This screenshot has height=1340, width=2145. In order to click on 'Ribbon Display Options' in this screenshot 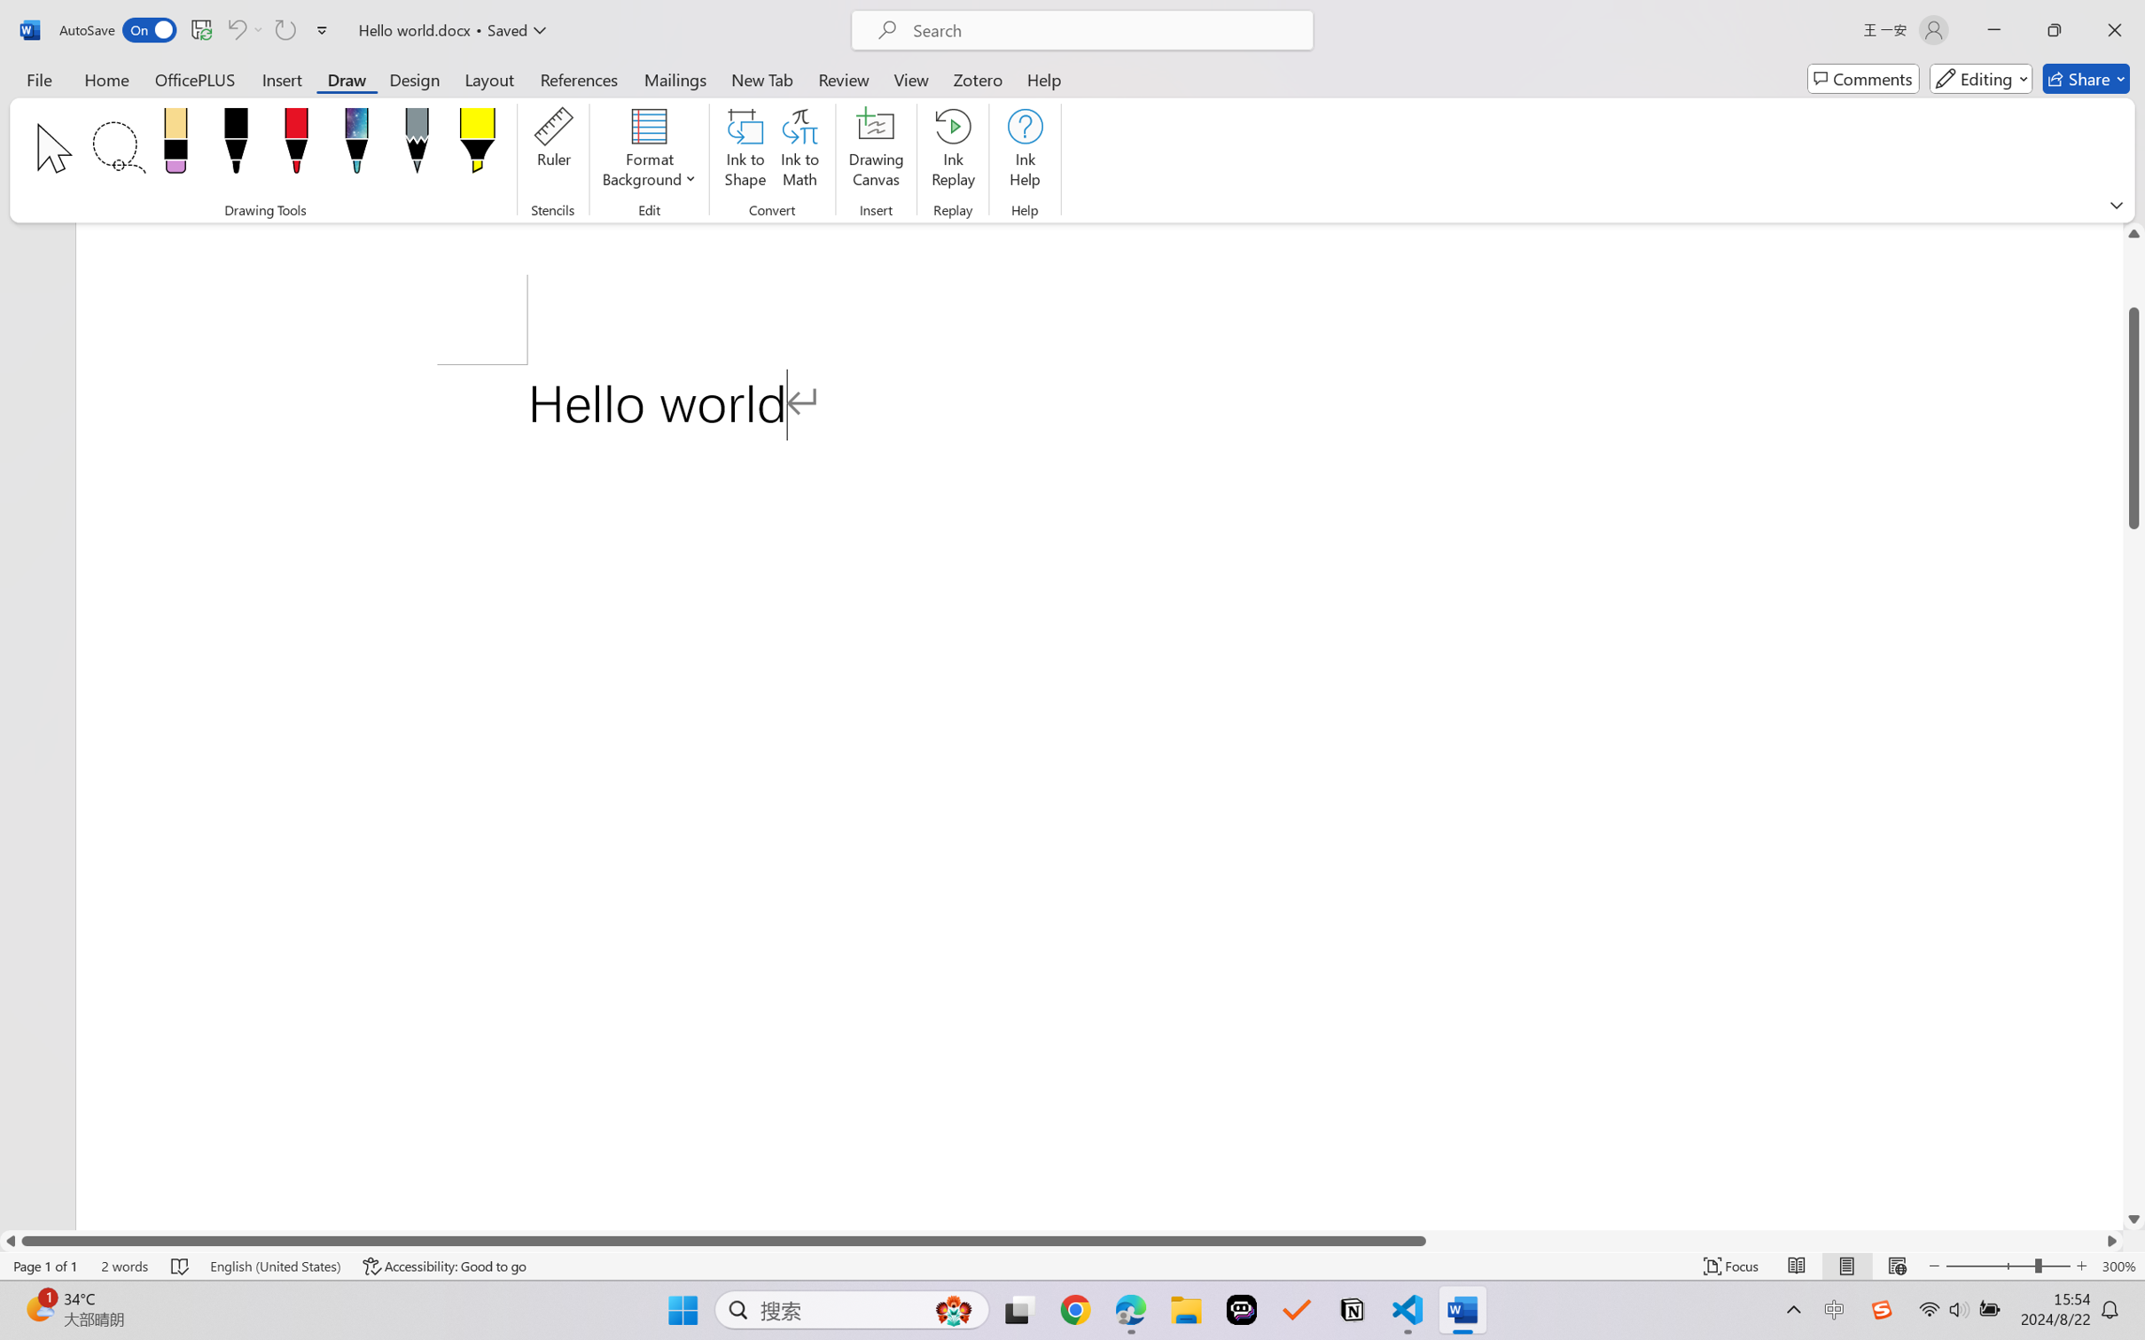, I will do `click(2116, 205)`.